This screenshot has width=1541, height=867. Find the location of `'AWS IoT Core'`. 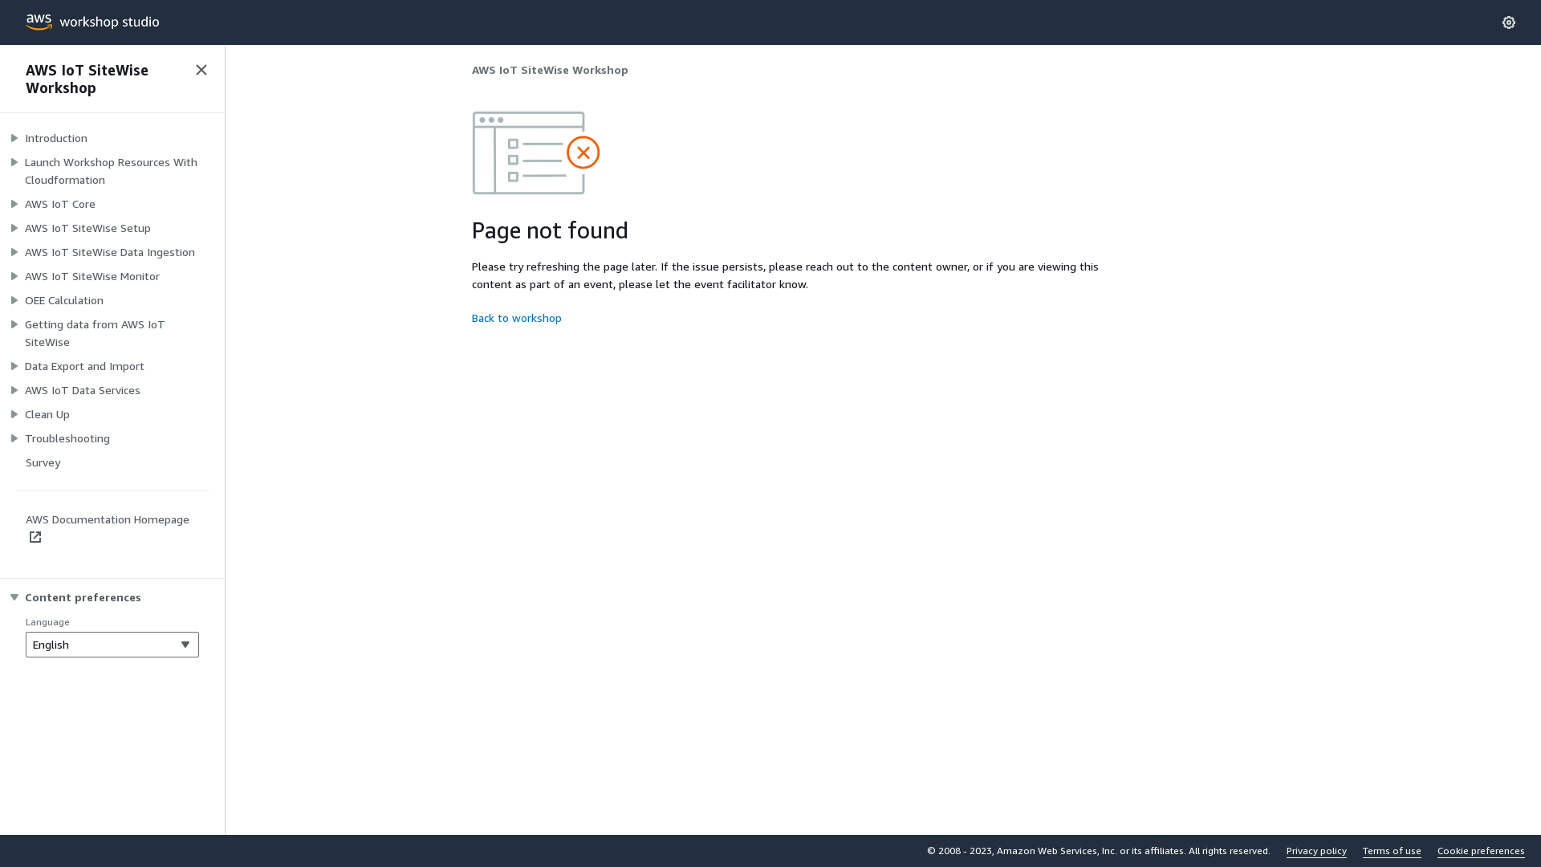

'AWS IoT Core' is located at coordinates (60, 203).